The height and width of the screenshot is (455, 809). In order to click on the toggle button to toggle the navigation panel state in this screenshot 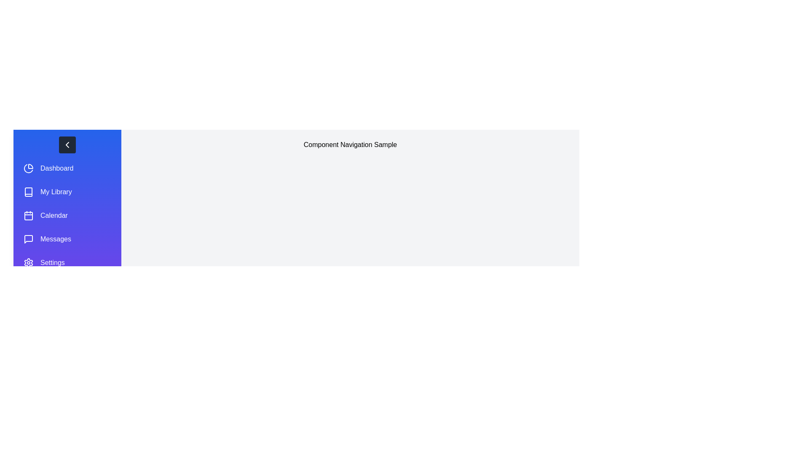, I will do `click(67, 144)`.